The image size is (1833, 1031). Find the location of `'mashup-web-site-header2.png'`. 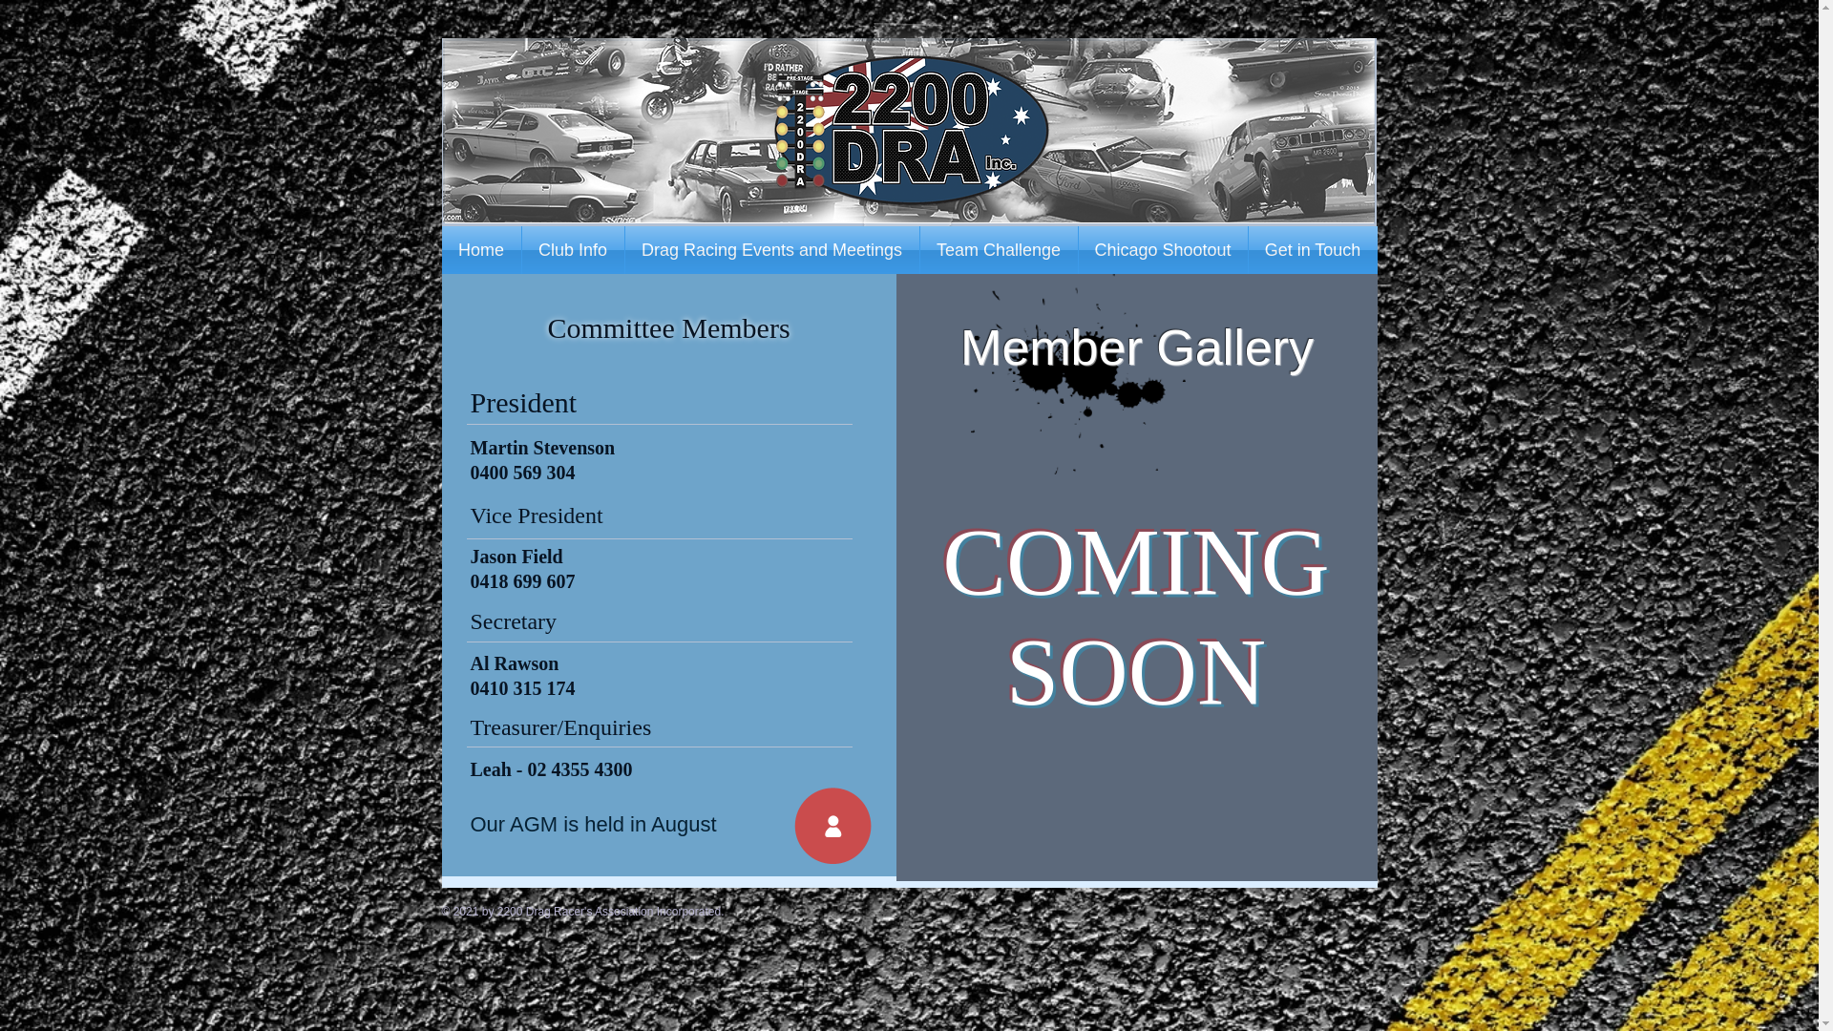

'mashup-web-site-header2.png' is located at coordinates (907, 129).